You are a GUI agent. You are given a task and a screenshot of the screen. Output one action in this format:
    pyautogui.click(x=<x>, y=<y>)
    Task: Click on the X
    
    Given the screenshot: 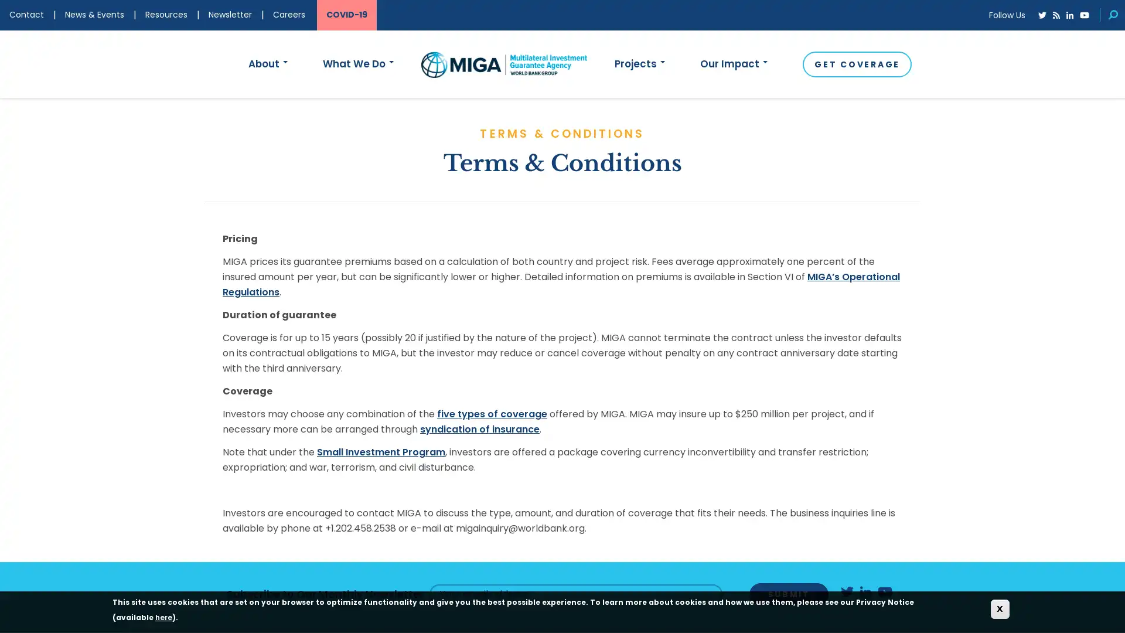 What is the action you would take?
    pyautogui.click(x=1000, y=608)
    